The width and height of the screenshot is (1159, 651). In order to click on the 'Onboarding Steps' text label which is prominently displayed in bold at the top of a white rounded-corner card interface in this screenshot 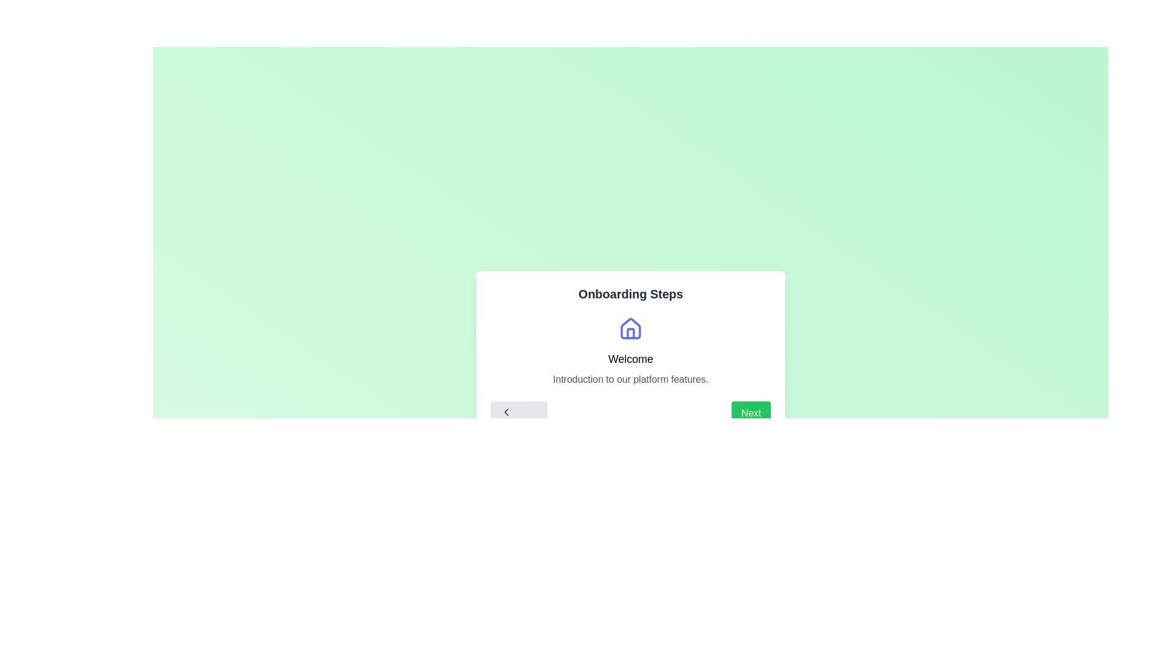, I will do `click(630, 294)`.